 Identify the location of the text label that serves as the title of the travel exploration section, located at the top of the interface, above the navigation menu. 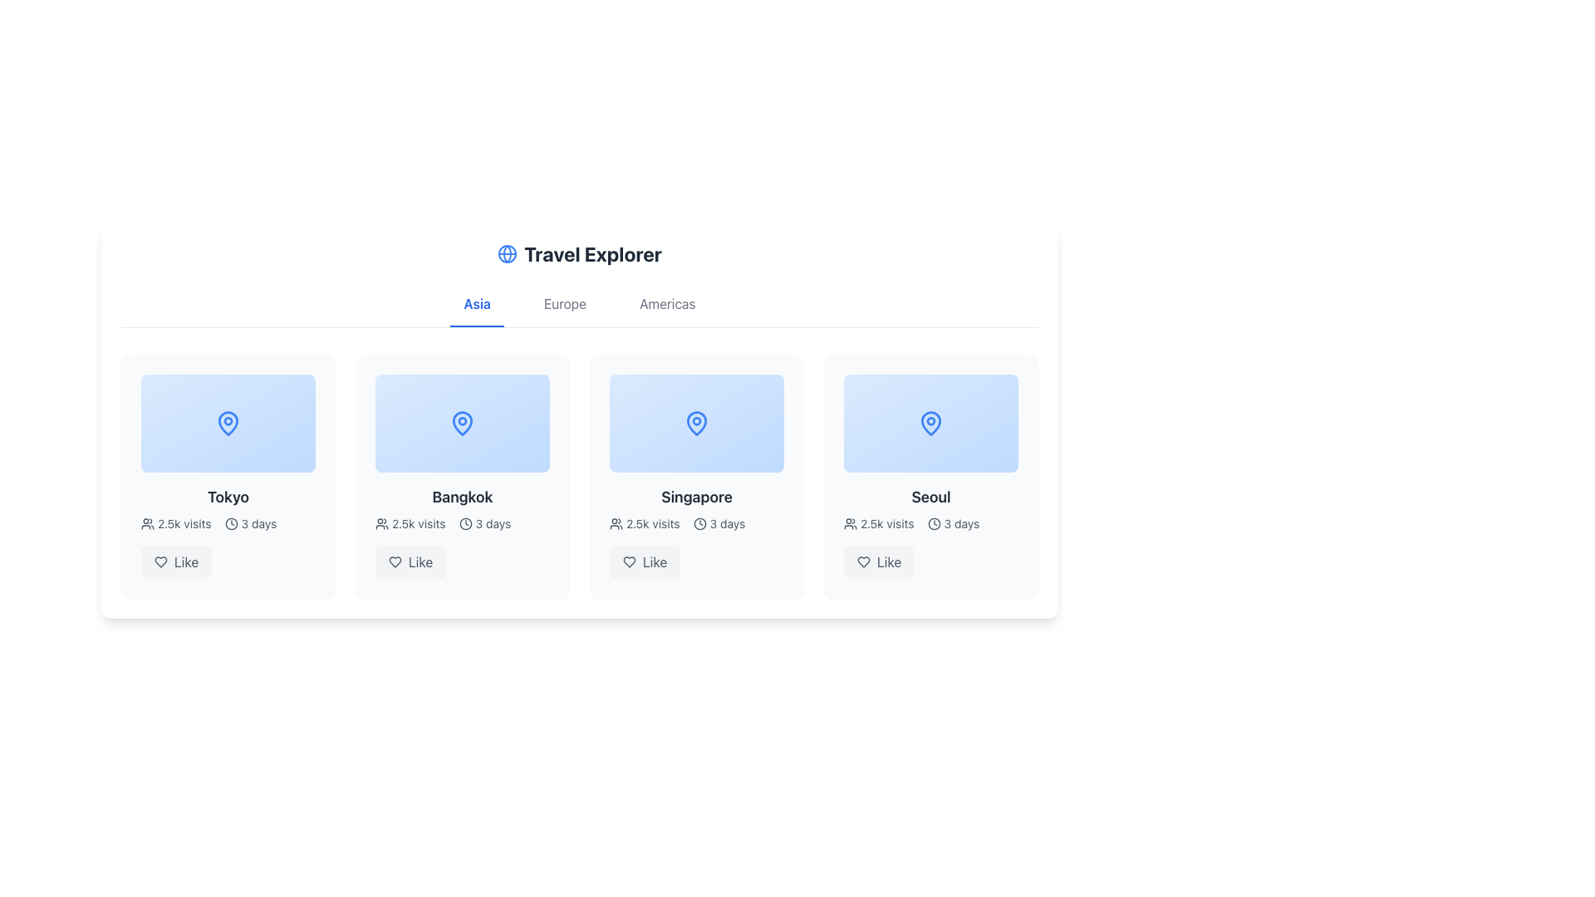
(593, 253).